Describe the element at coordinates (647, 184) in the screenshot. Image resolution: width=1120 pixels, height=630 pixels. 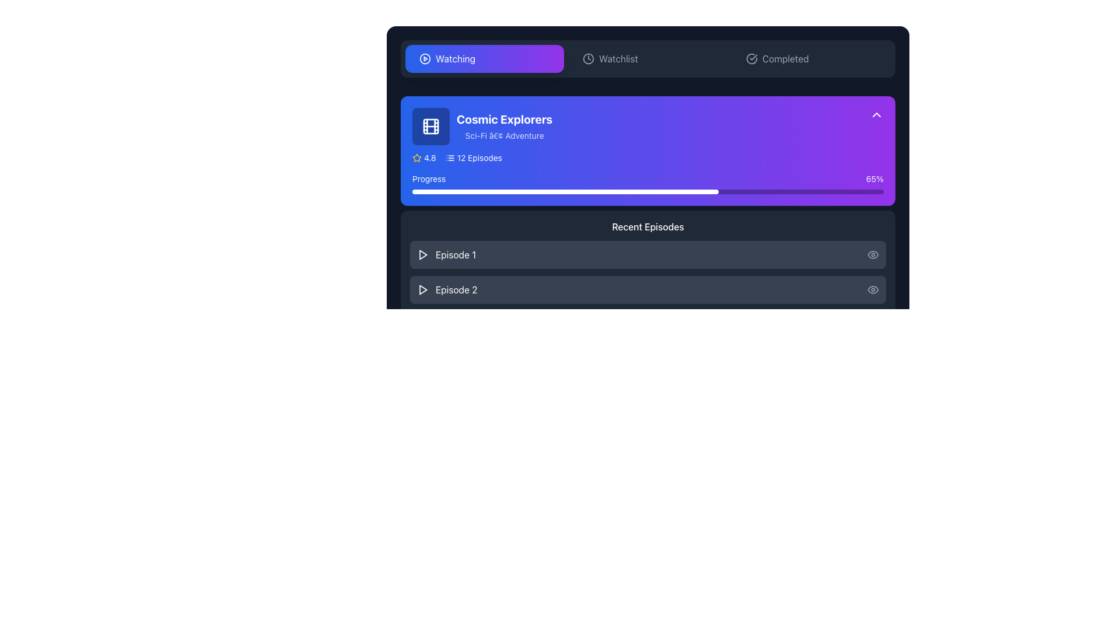
I see `the progress bar with a gradient color scheme transitioning from blue to purple, located below the 'Progress' label and next to the '65%' indicator within the 'Cosmic Explorers' card` at that location.